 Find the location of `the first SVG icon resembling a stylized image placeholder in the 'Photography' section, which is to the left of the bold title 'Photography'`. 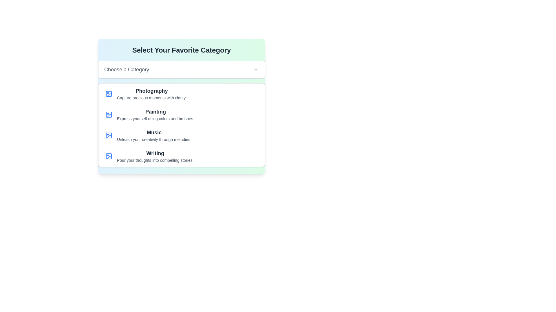

the first SVG icon resembling a stylized image placeholder in the 'Photography' section, which is to the left of the bold title 'Photography' is located at coordinates (109, 93).